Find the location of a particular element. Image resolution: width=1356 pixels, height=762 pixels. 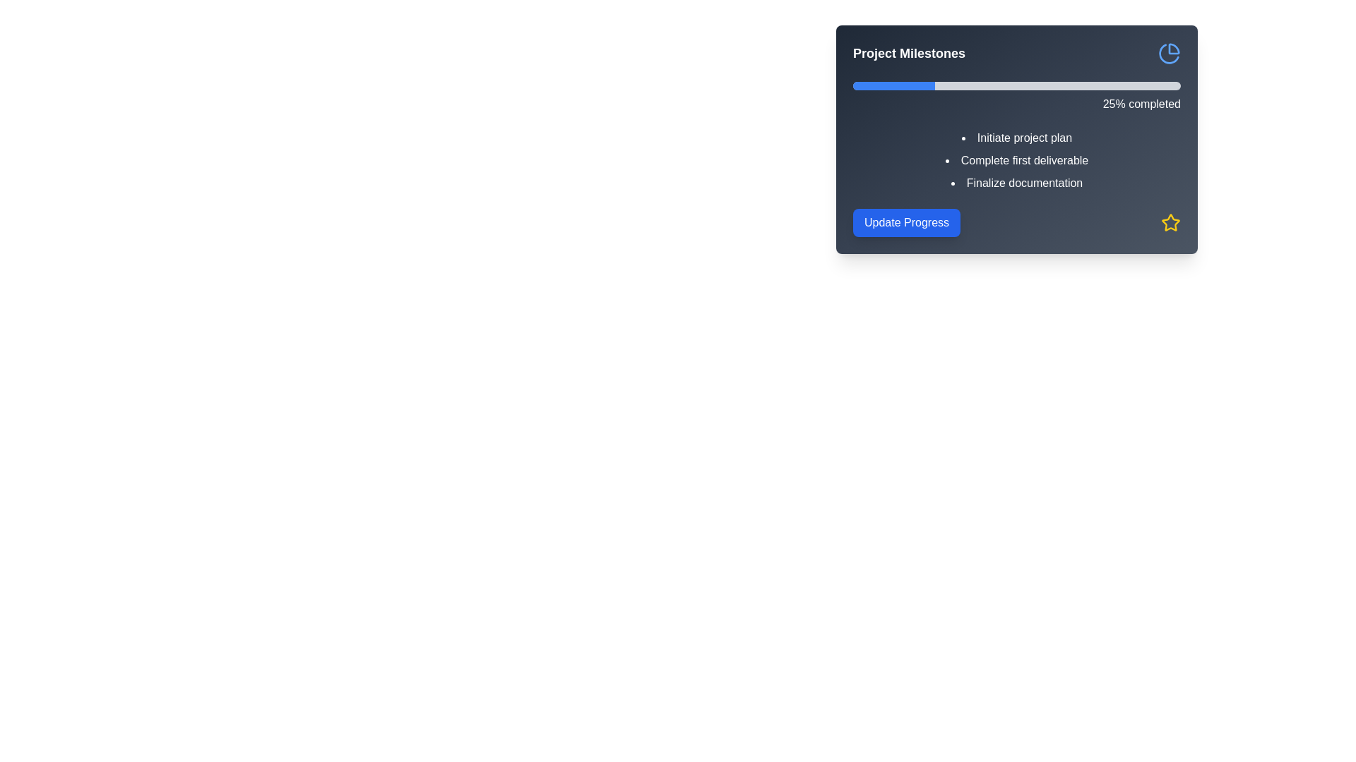

progress is located at coordinates (916, 86).